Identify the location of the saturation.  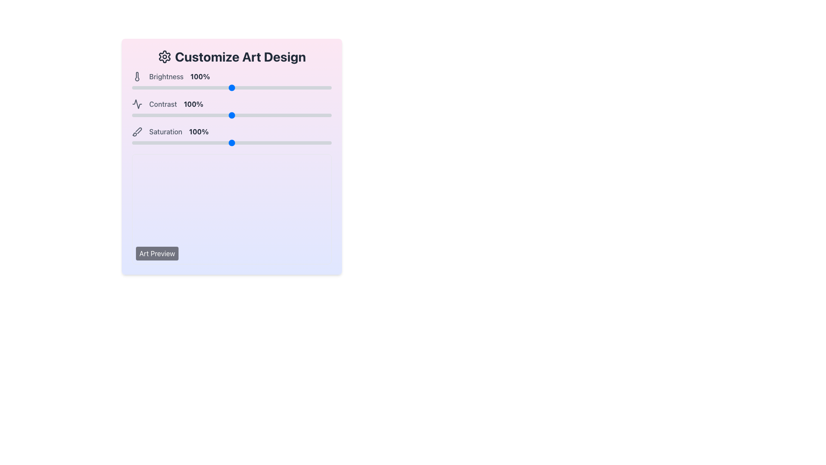
(202, 142).